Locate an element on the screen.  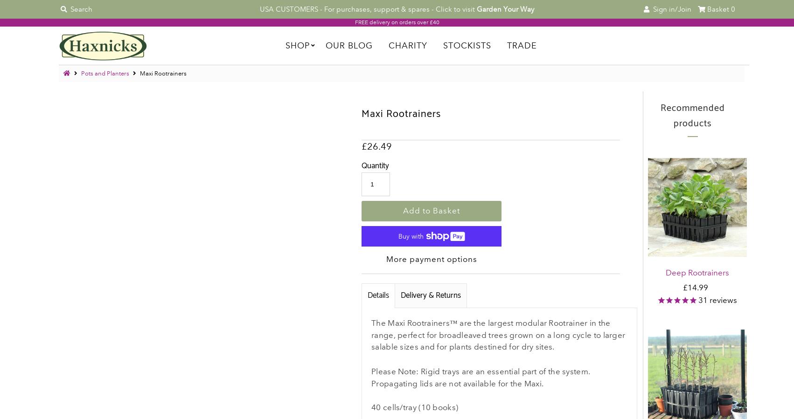
'40 cells/tray (10 books)' is located at coordinates (414, 407).